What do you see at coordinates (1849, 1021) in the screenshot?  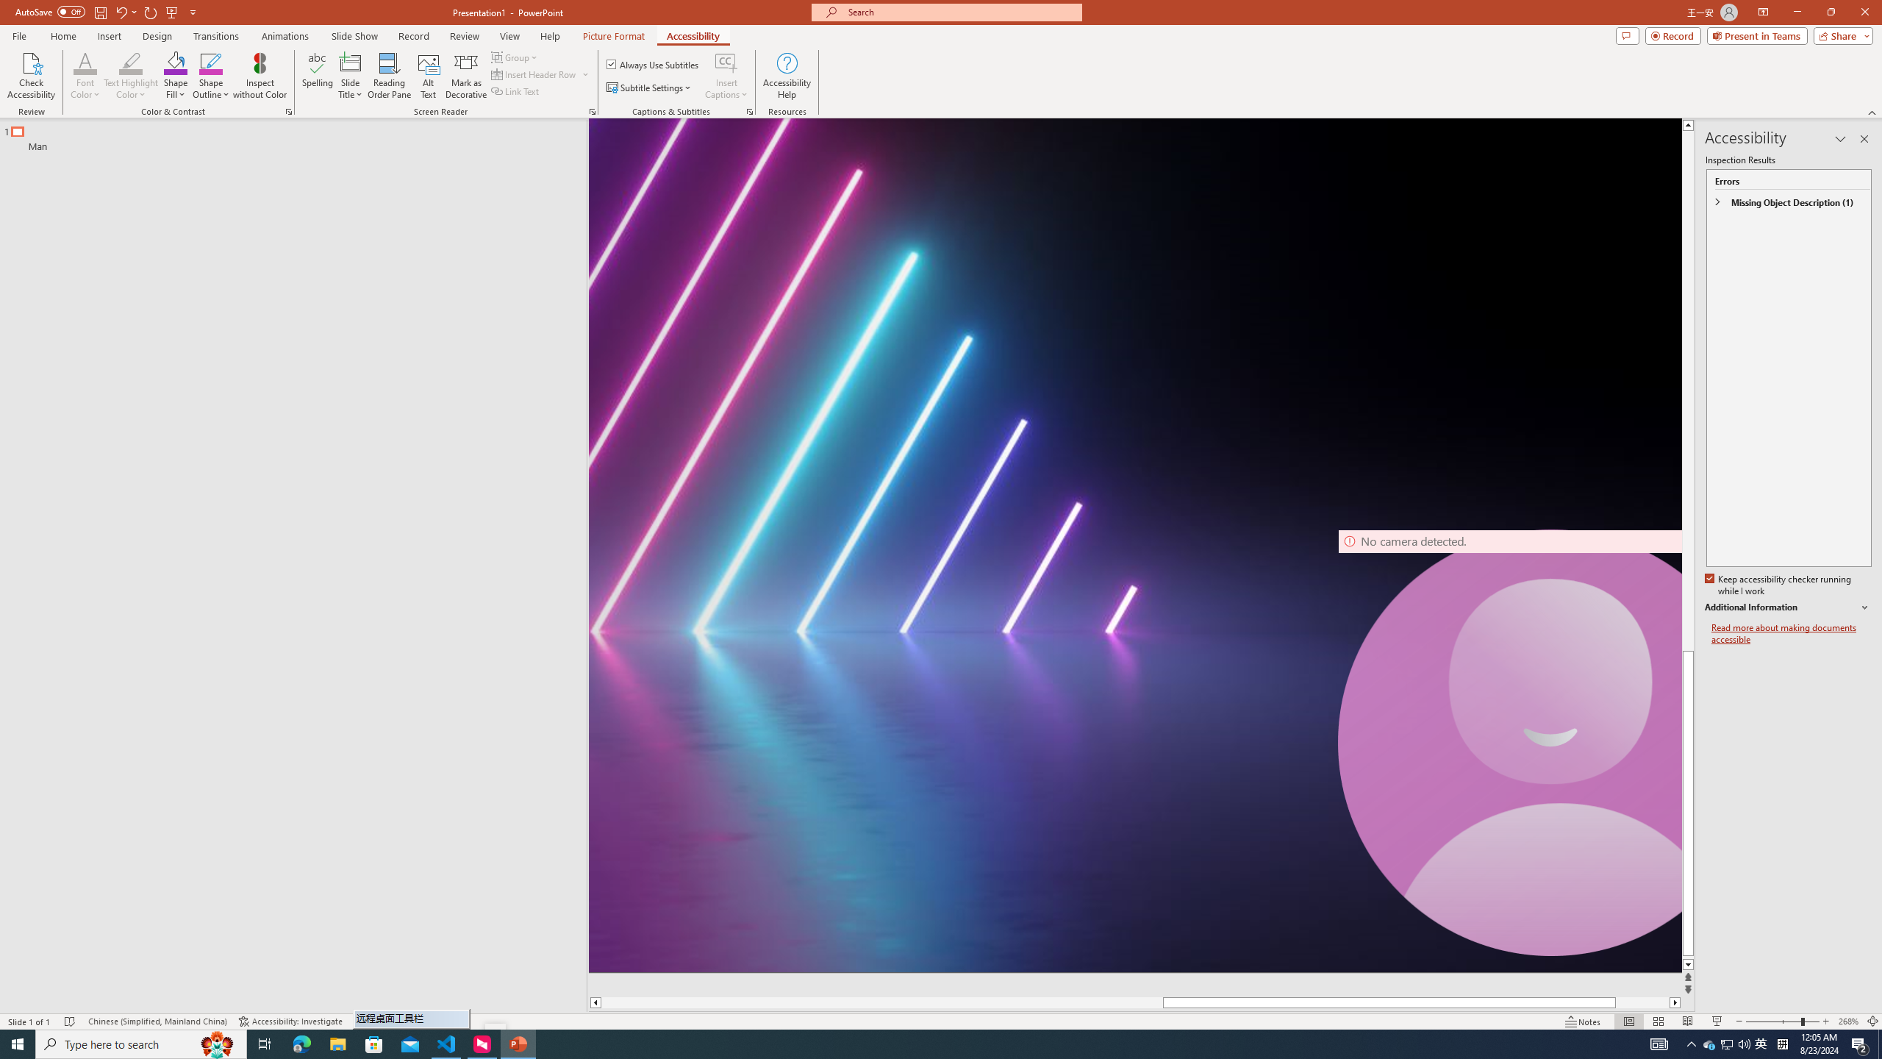 I see `'Zoom 268%'` at bounding box center [1849, 1021].